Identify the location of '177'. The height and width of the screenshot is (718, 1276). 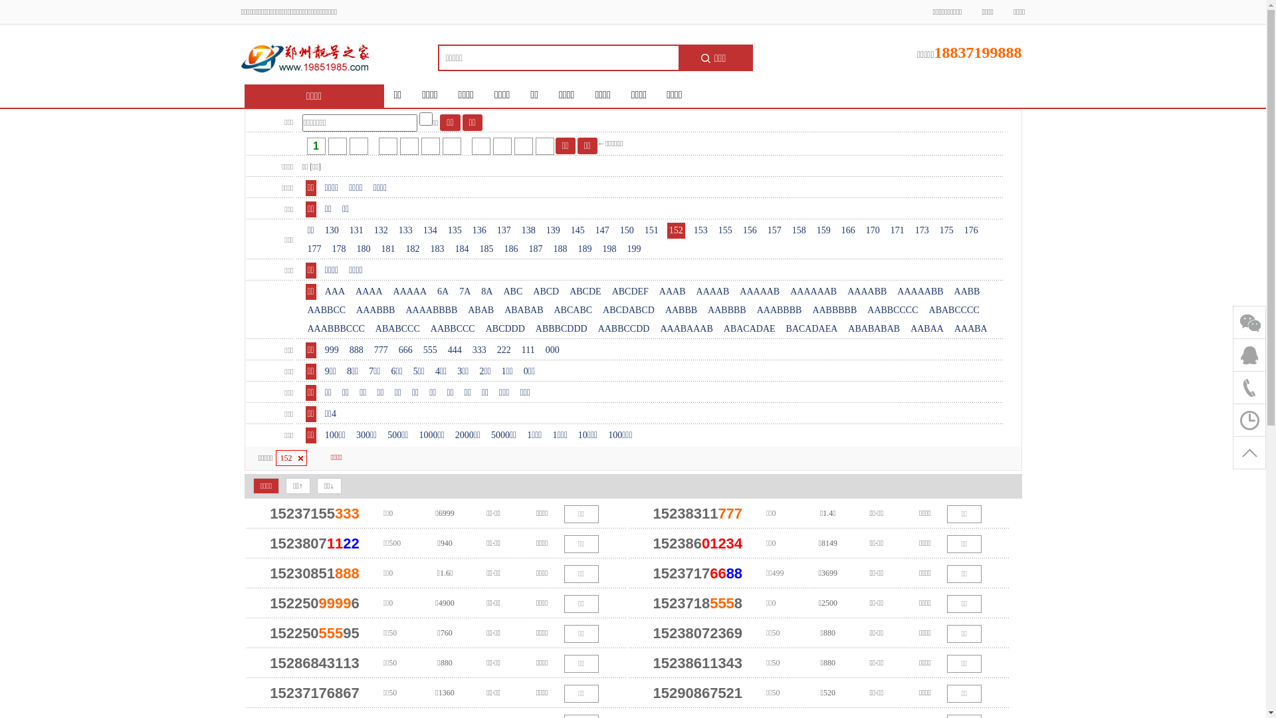
(305, 249).